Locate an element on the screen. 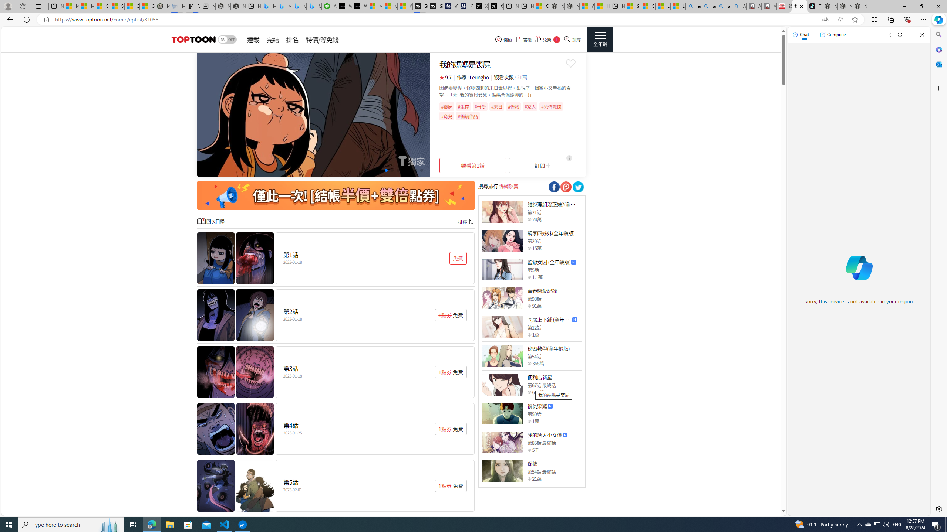 The image size is (947, 532). 'Go to slide 8' is located at coordinates (409, 170).